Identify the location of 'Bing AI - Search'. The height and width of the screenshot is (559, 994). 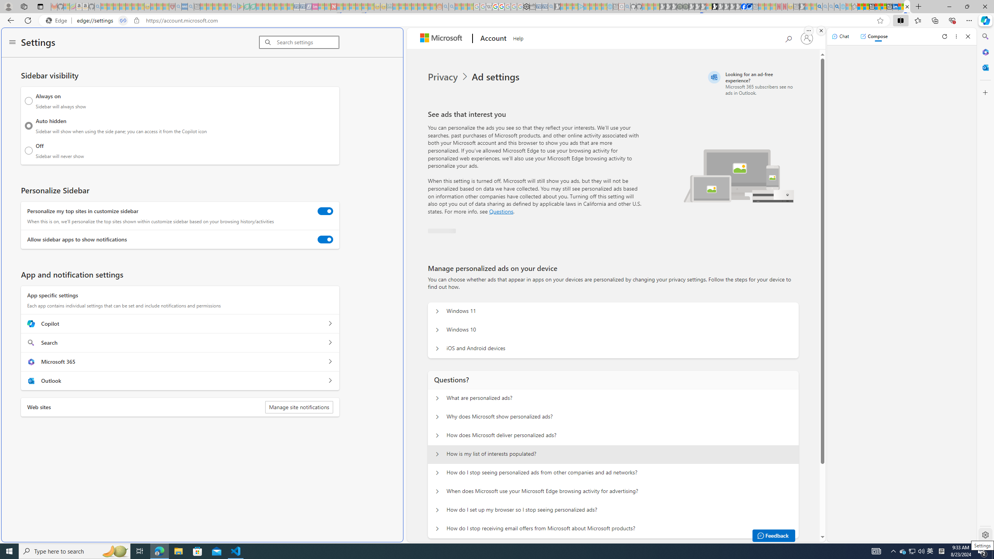
(819, 6).